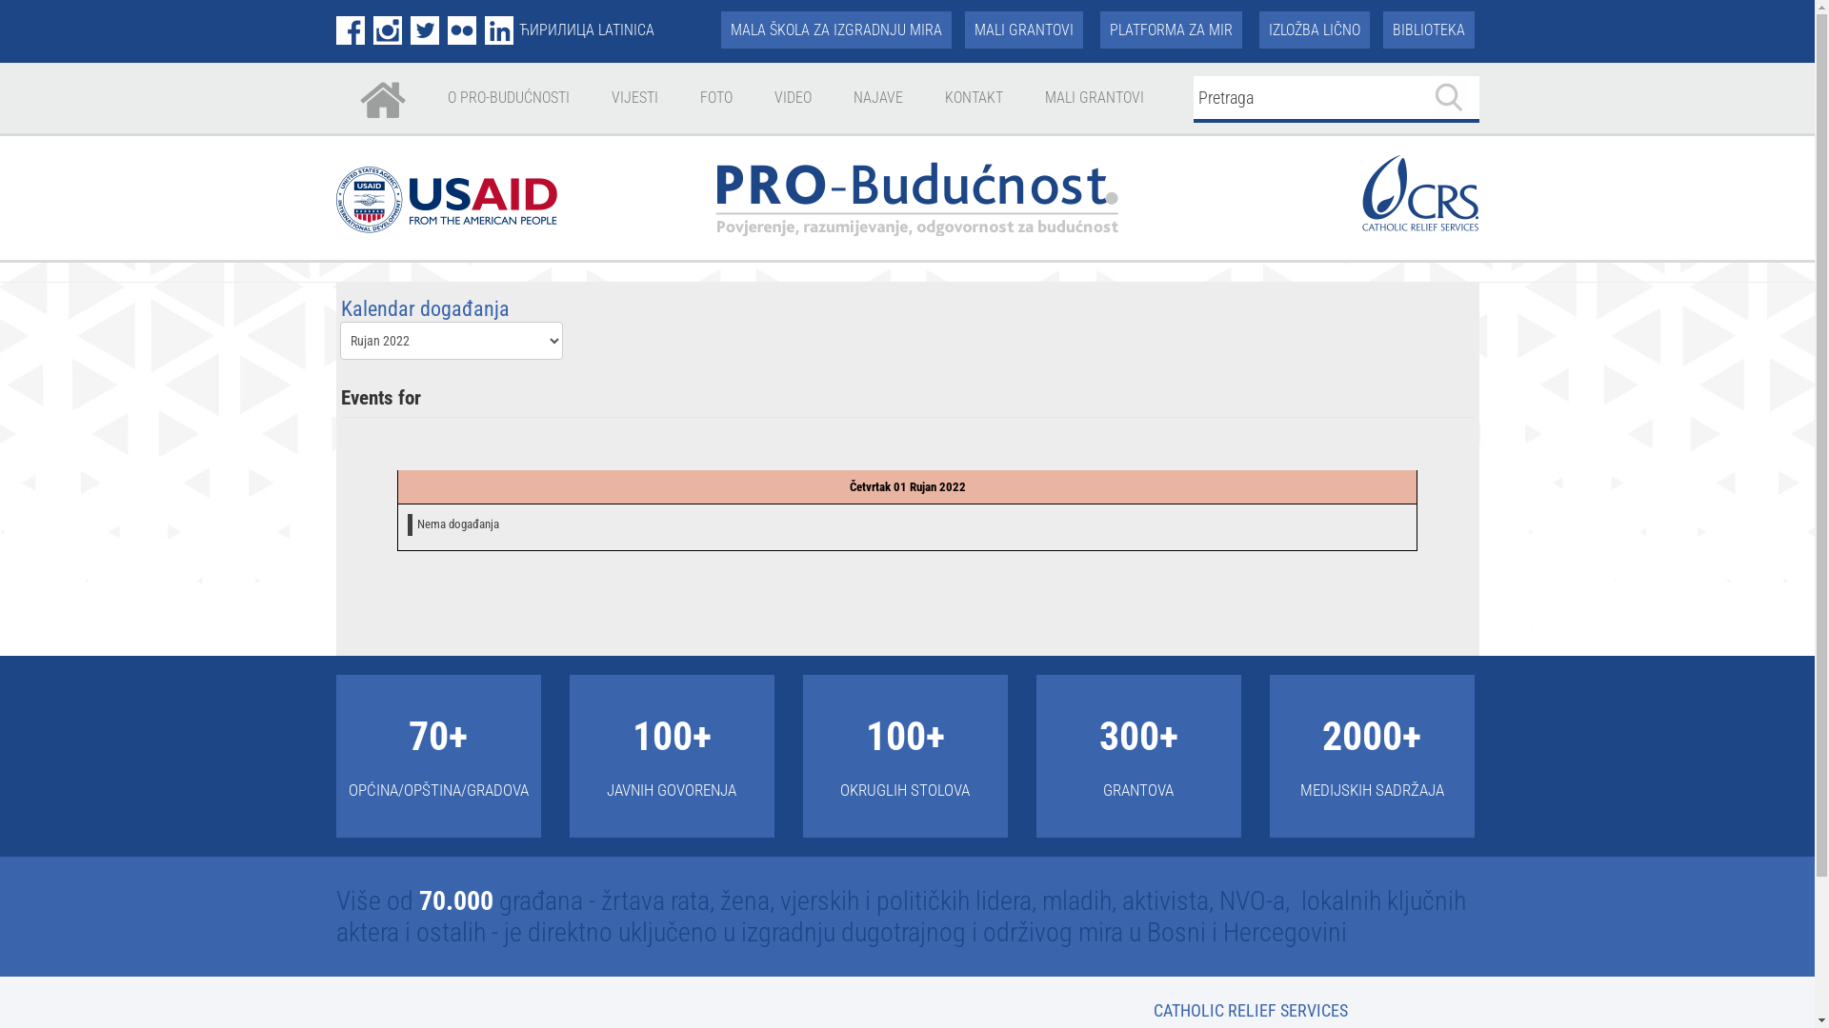 The width and height of the screenshot is (1829, 1028). What do you see at coordinates (626, 30) in the screenshot?
I see `'LATINICA'` at bounding box center [626, 30].